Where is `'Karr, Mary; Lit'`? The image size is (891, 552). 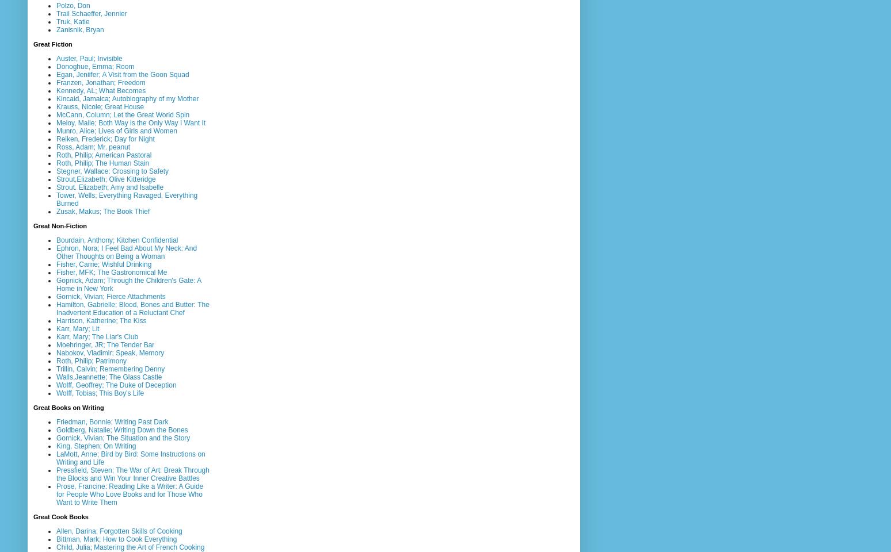
'Karr, Mary; Lit' is located at coordinates (77, 328).